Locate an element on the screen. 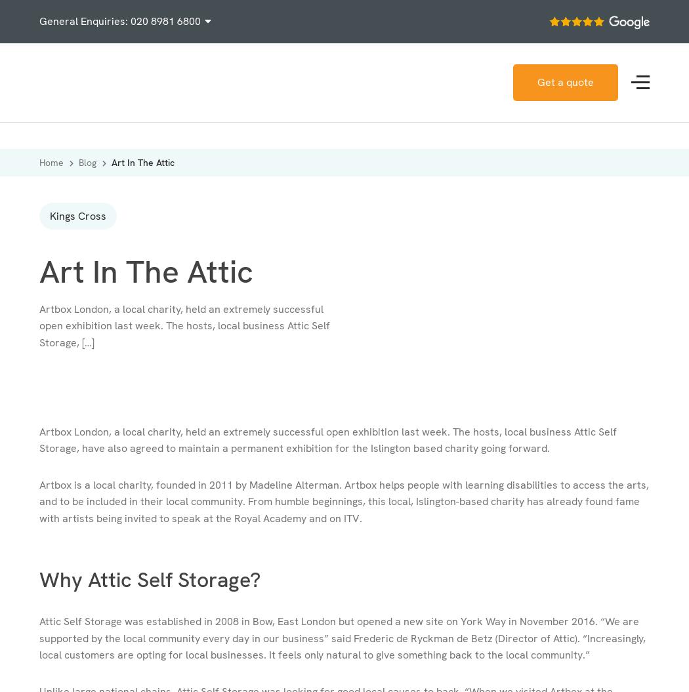 This screenshot has height=692, width=689. 'Blog' is located at coordinates (78, 163).